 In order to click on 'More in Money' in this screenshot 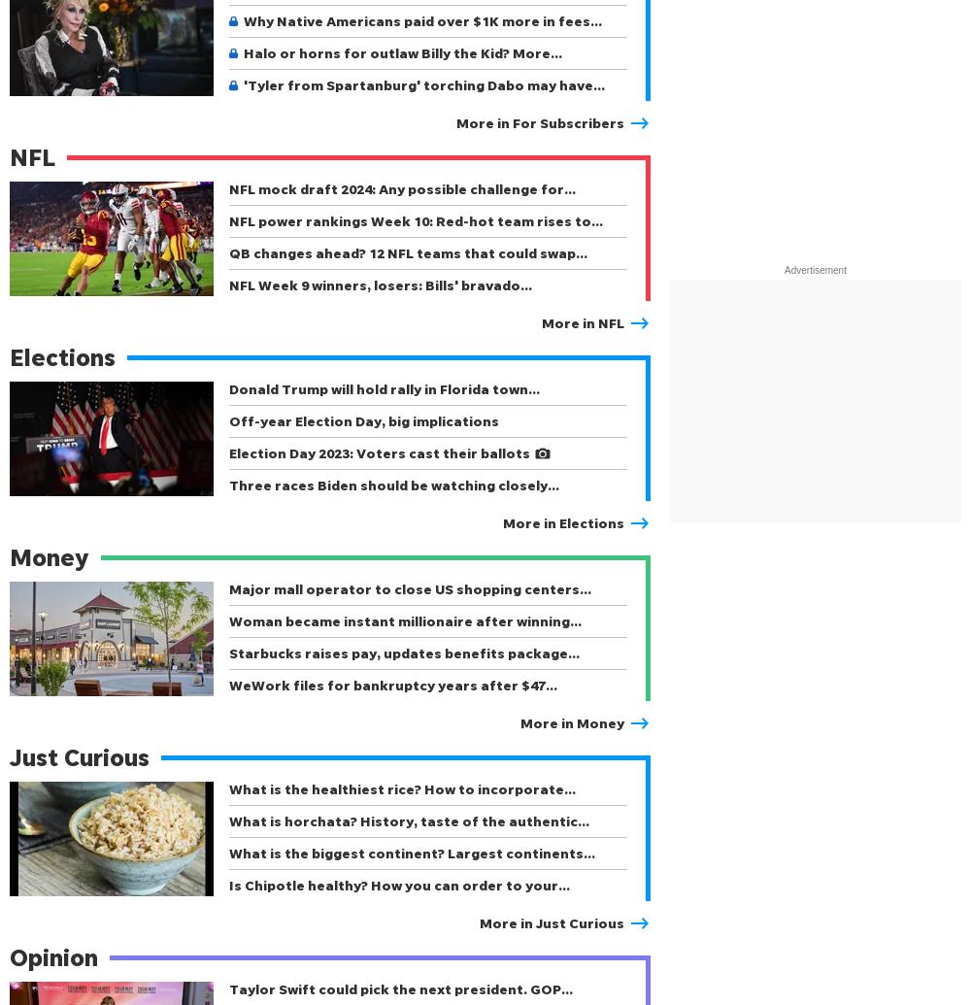, I will do `click(571, 721)`.